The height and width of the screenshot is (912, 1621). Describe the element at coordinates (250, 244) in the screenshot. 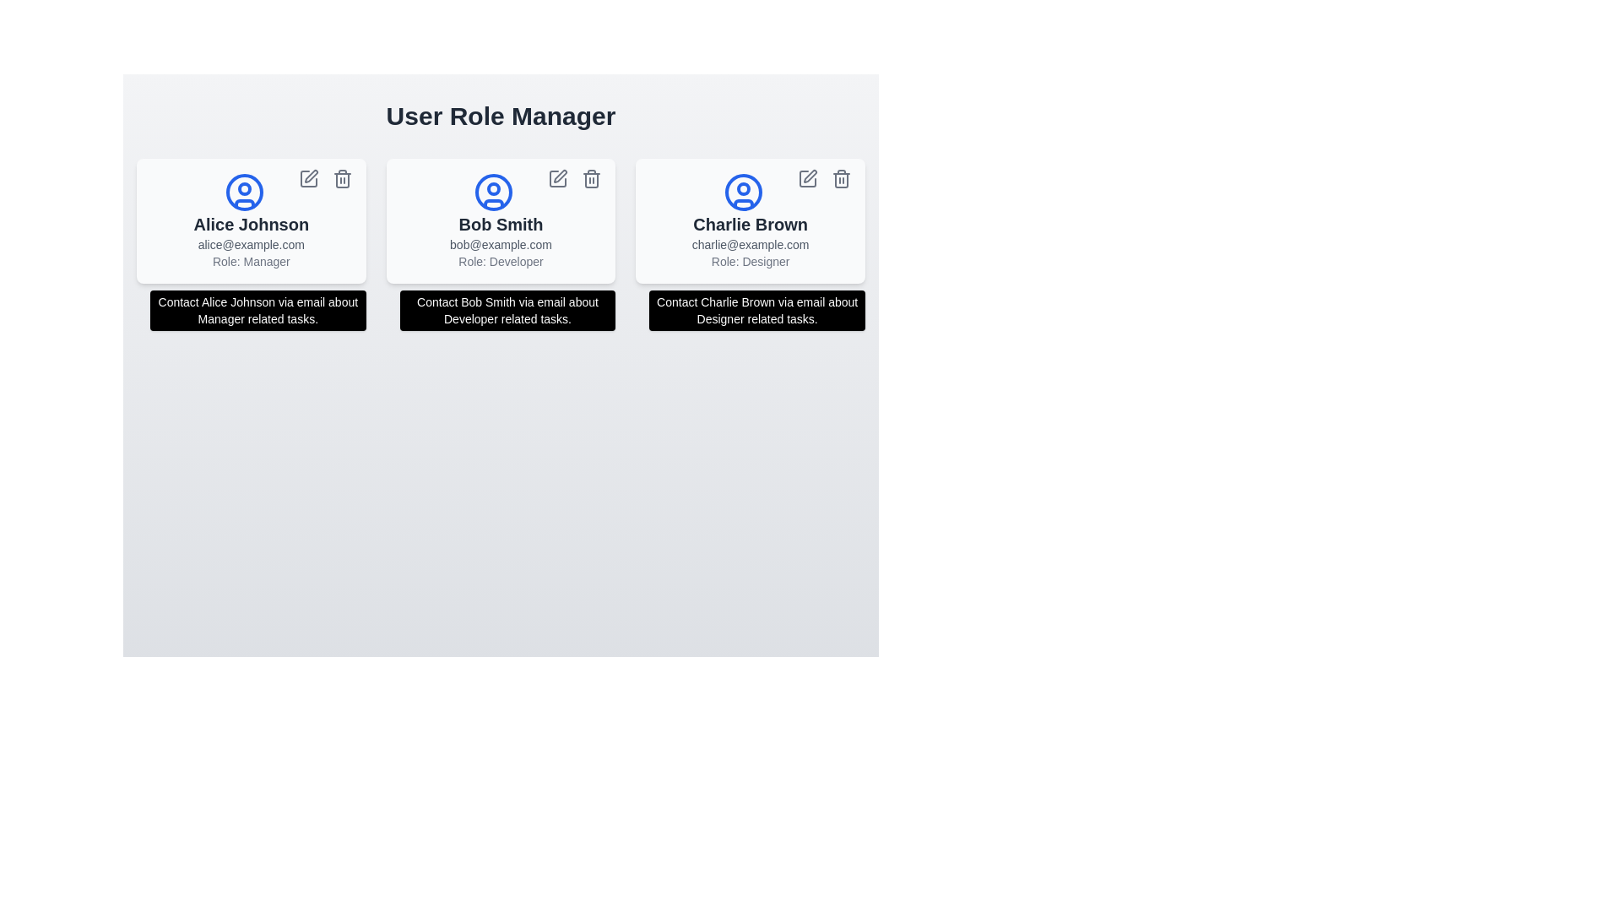

I see `the text label displaying the email address 'alice@example.com', which is styled in gray and located below 'Alice Johnson' and above 'Role: Manager'` at that location.